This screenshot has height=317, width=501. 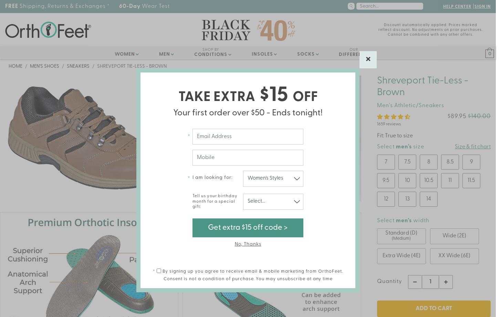 I want to click on 'SOCKS', so click(x=305, y=54).